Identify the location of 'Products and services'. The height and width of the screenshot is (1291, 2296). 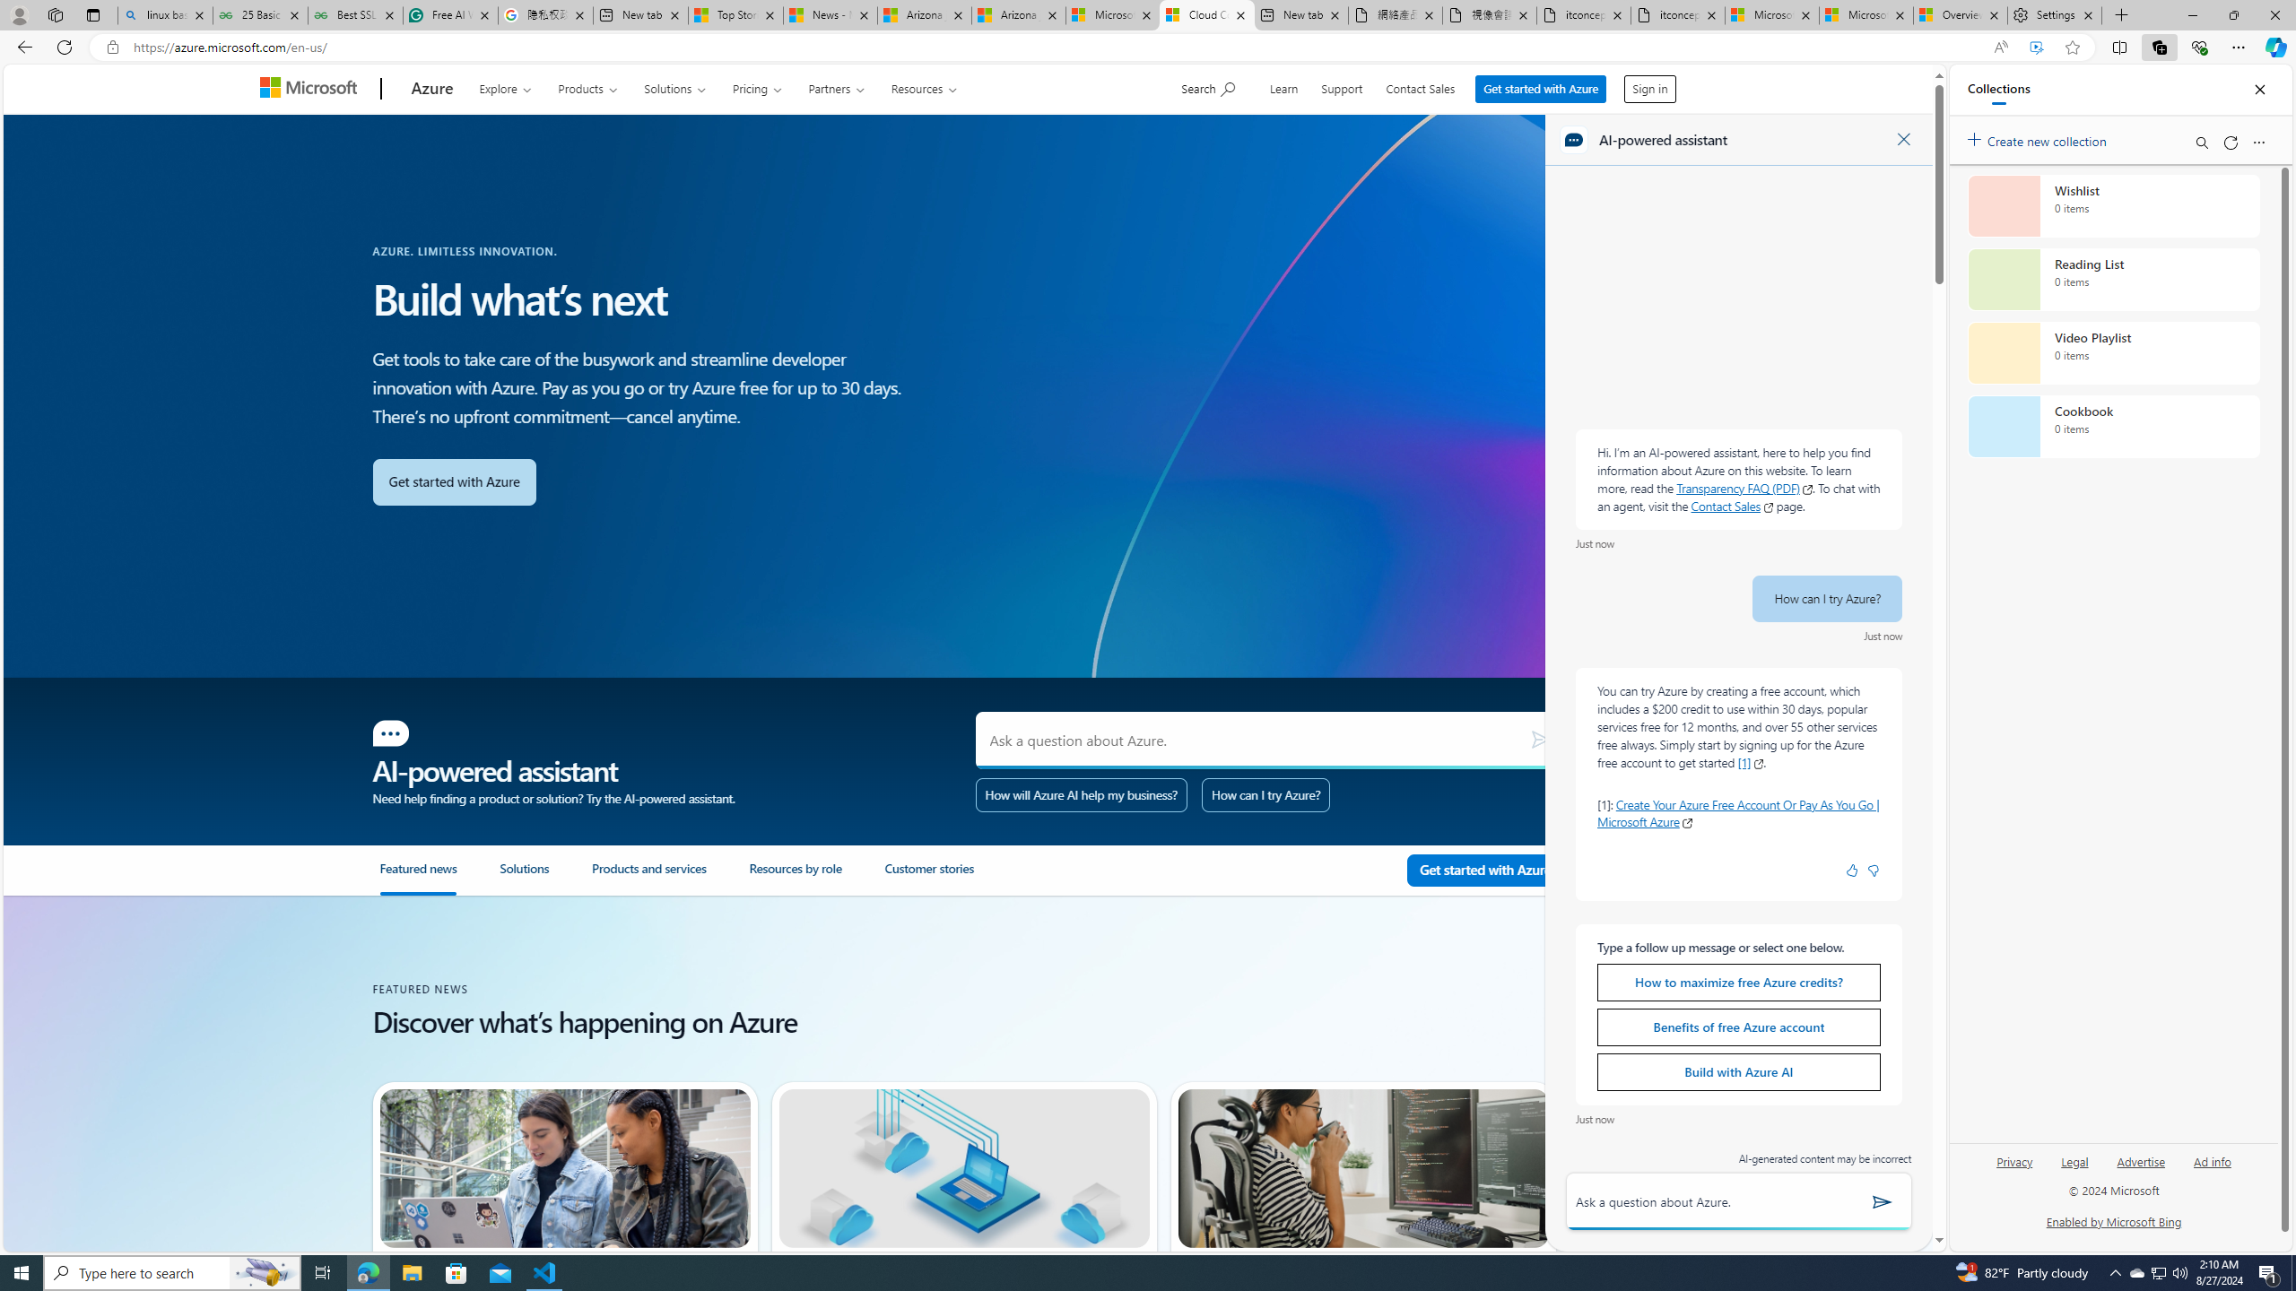
(670, 877).